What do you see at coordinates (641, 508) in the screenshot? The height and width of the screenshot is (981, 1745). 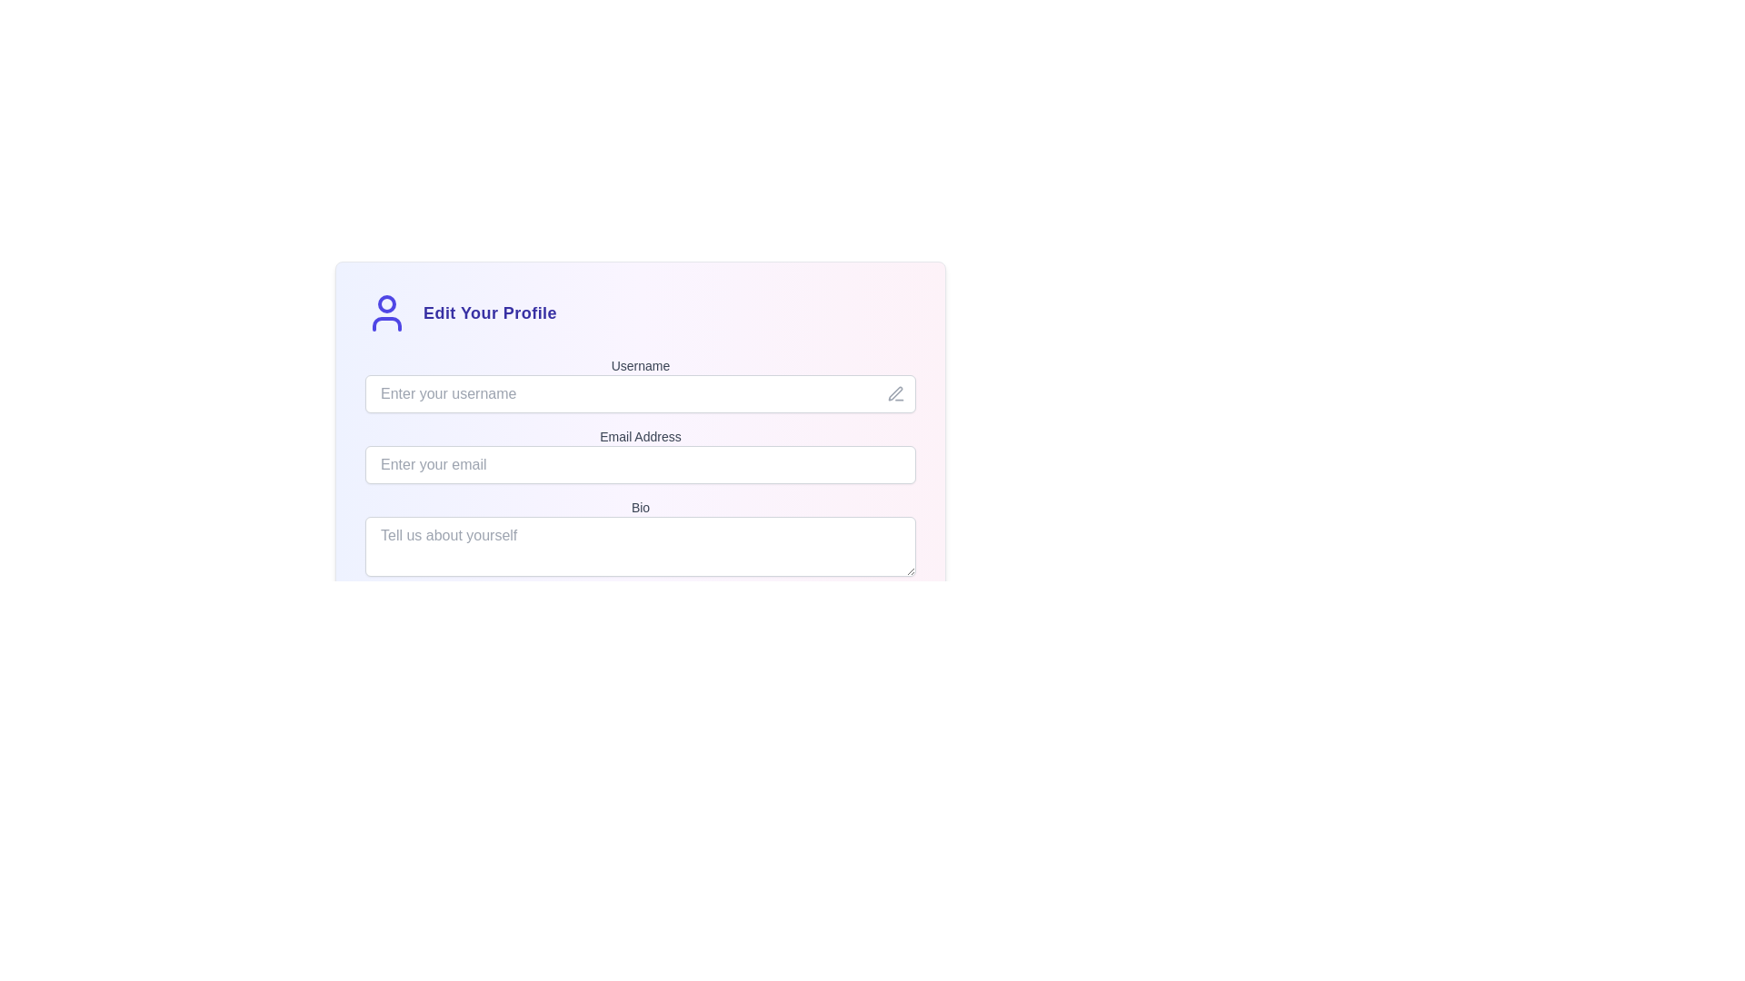 I see `the text label that indicates users should provide information about their biography, positioned above the 'Tell us about yourself' input field` at bounding box center [641, 508].